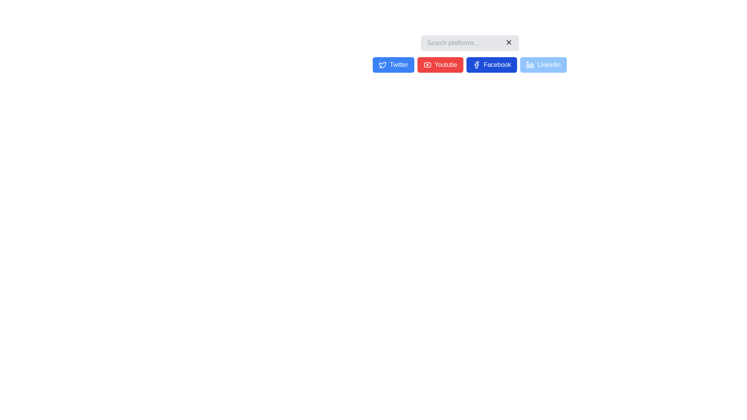 The height and width of the screenshot is (420, 747). I want to click on the YouTube play button icon, which is styled with a red background and a white triangular play symbol, located at the left side of the 'Youtube' button, so click(427, 64).